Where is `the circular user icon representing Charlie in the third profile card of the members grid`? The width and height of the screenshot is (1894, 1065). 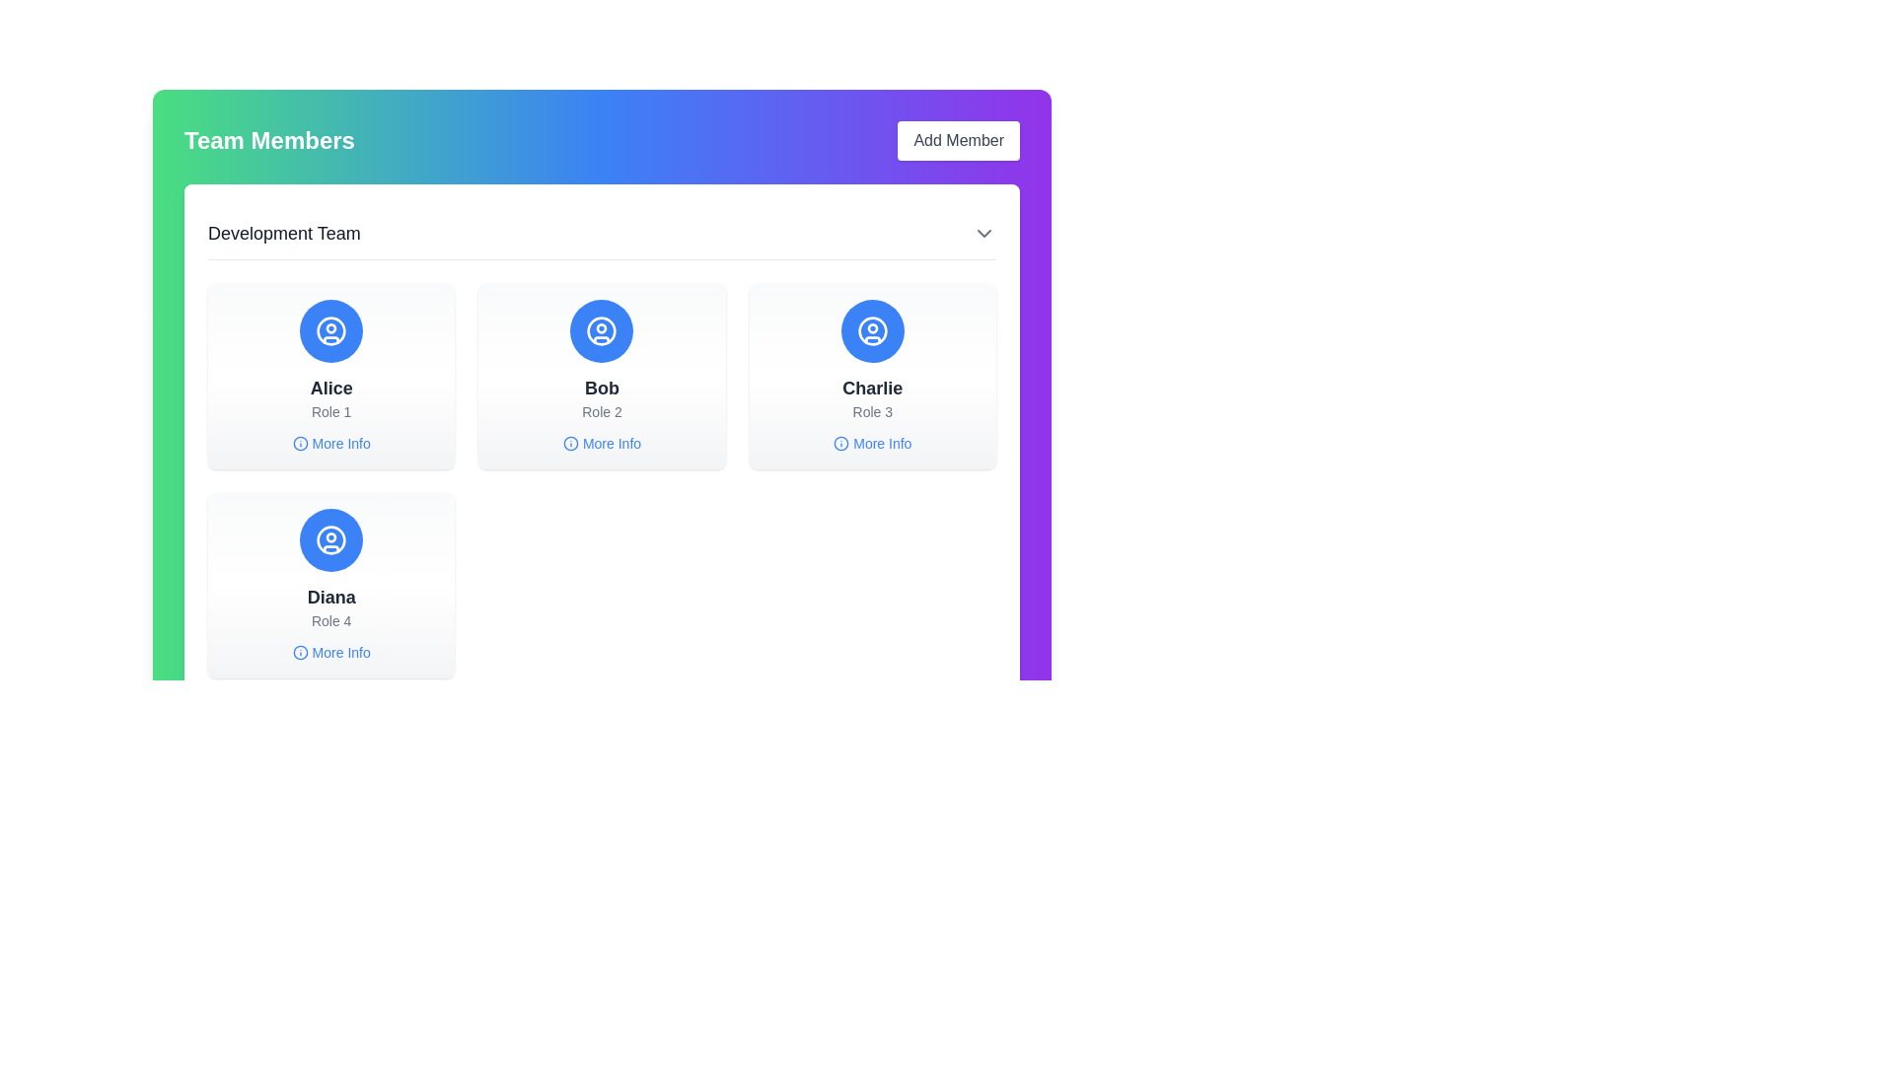
the circular user icon representing Charlie in the third profile card of the members grid is located at coordinates (871, 329).